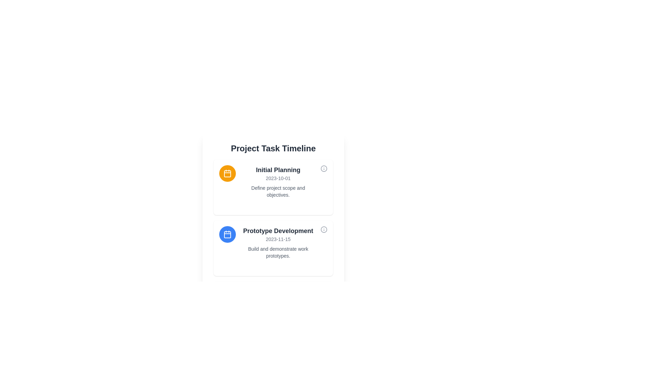 This screenshot has height=374, width=666. What do you see at coordinates (278, 170) in the screenshot?
I see `the Text Label element that serves as the title for the 'Initial Planning' task card, positioned at the top of the card` at bounding box center [278, 170].